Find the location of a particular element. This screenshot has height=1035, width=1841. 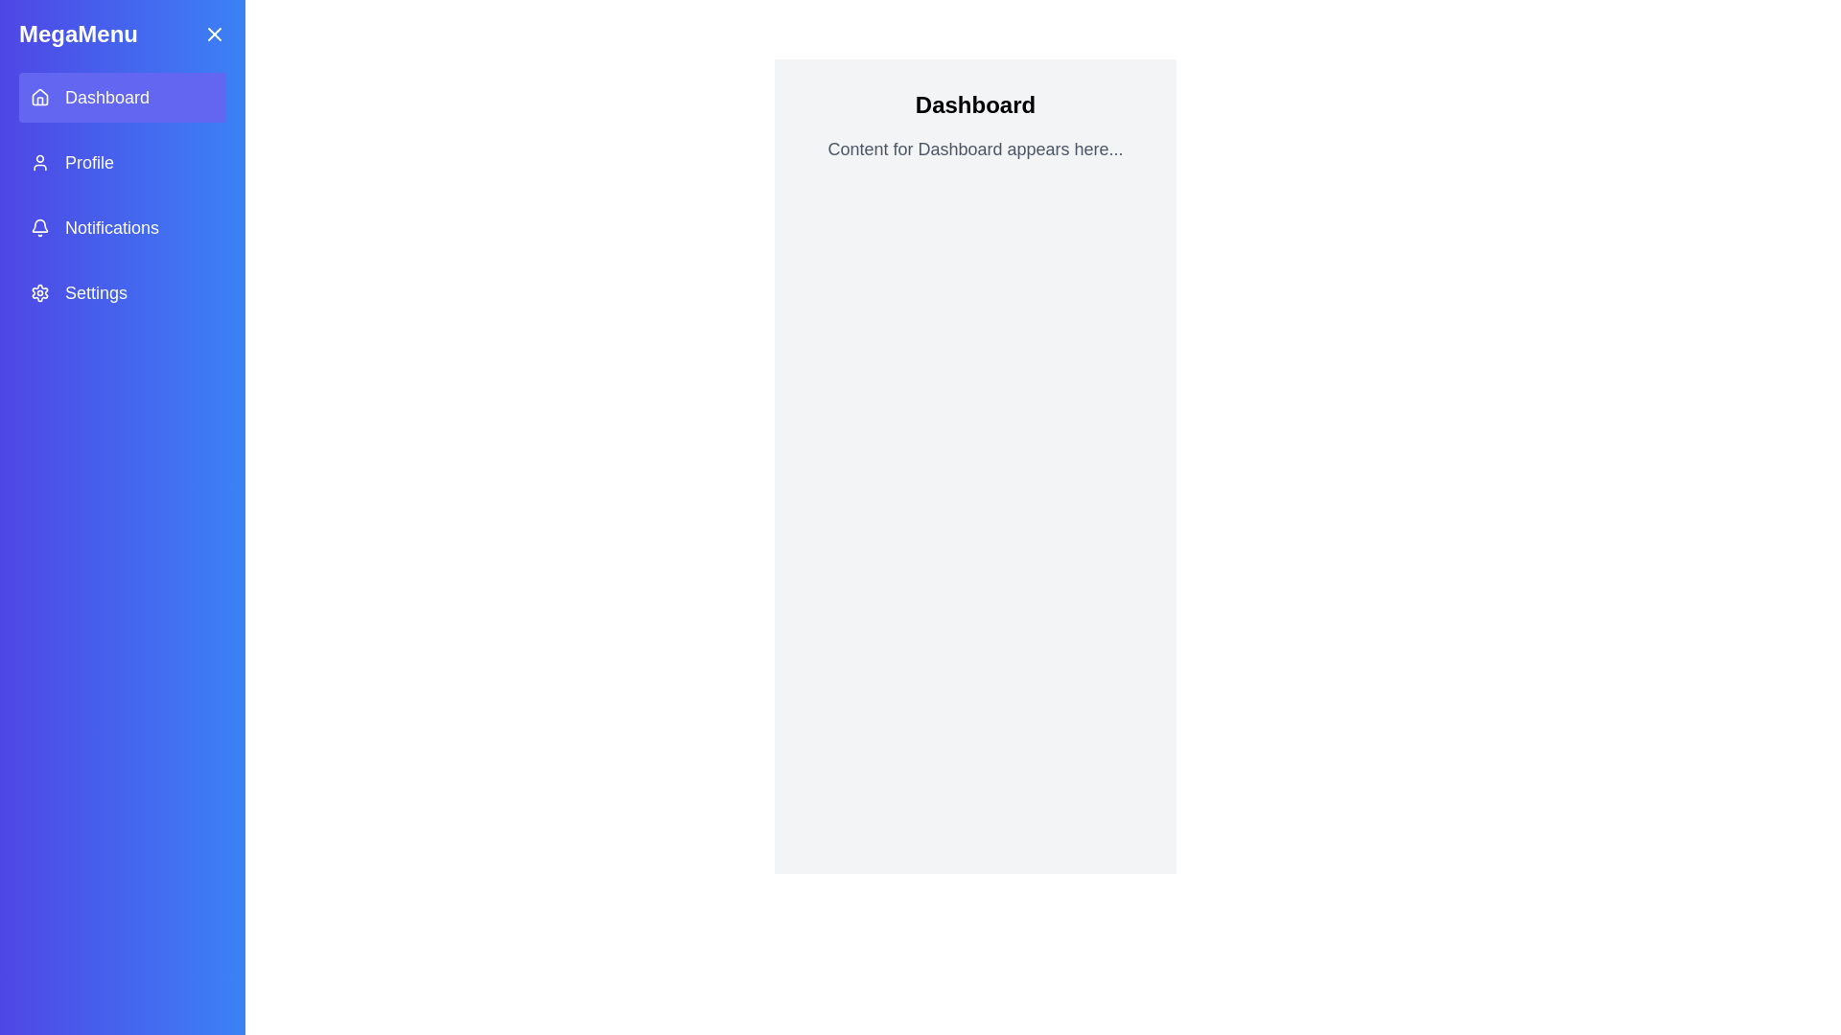

the 'X' icon button located at the top right corner of the sidebar is located at coordinates (215, 34).